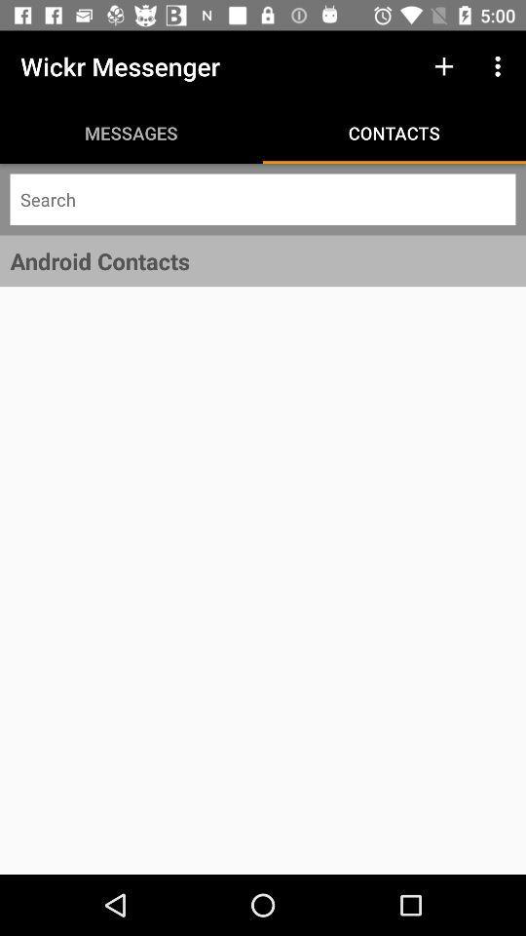 This screenshot has width=526, height=936. What do you see at coordinates (263, 199) in the screenshot?
I see `icon below the messages icon` at bounding box center [263, 199].